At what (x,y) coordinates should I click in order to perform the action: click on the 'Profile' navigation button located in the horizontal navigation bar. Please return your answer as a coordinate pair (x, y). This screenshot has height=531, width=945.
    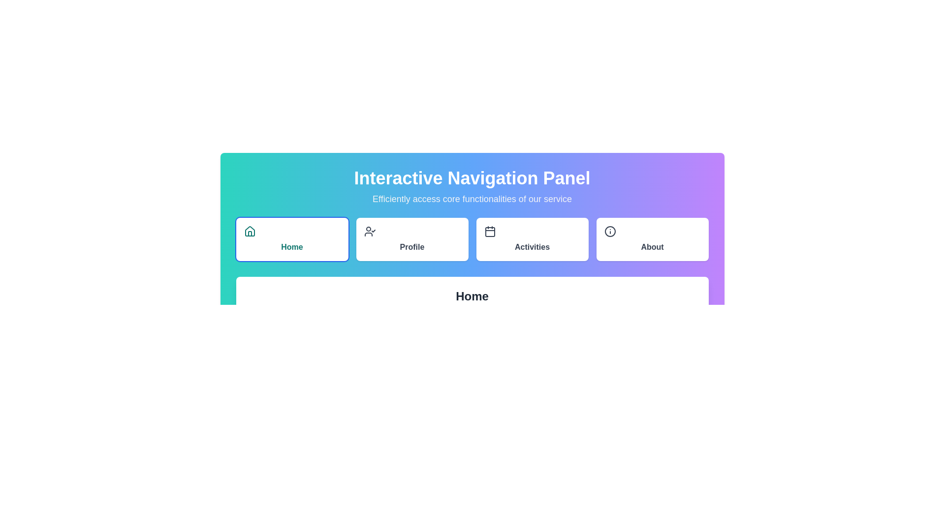
    Looking at the image, I should click on (412, 239).